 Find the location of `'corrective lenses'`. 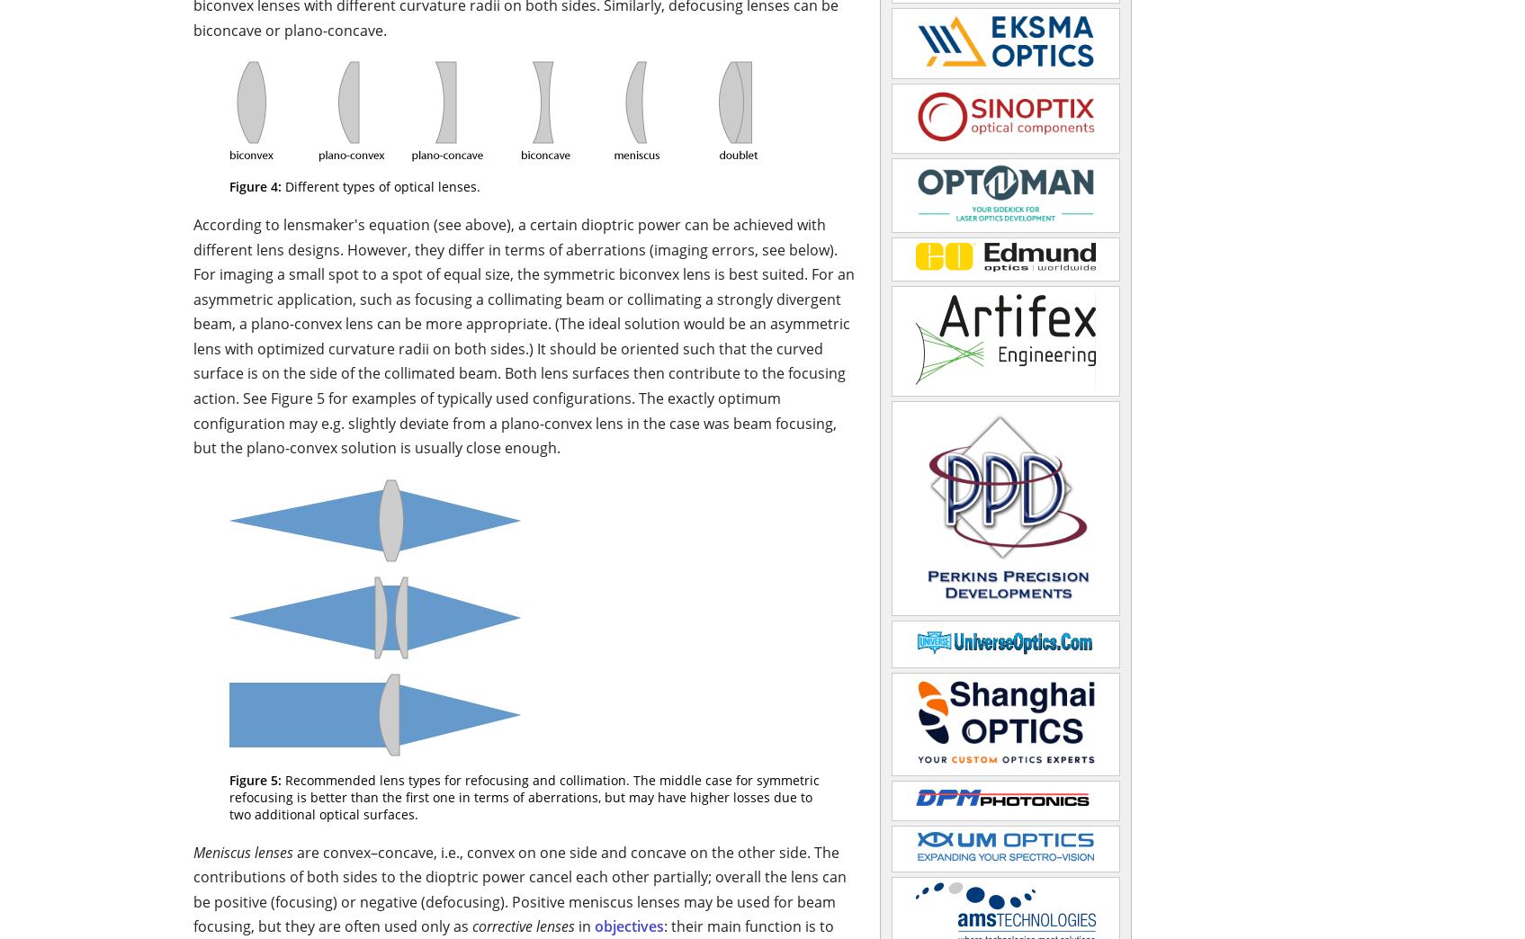

'corrective lenses' is located at coordinates (524, 926).